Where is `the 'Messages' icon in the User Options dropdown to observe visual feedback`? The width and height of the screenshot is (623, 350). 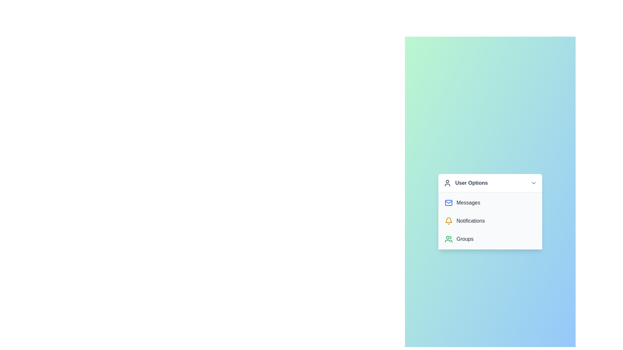
the 'Messages' icon in the User Options dropdown to observe visual feedback is located at coordinates (448, 202).